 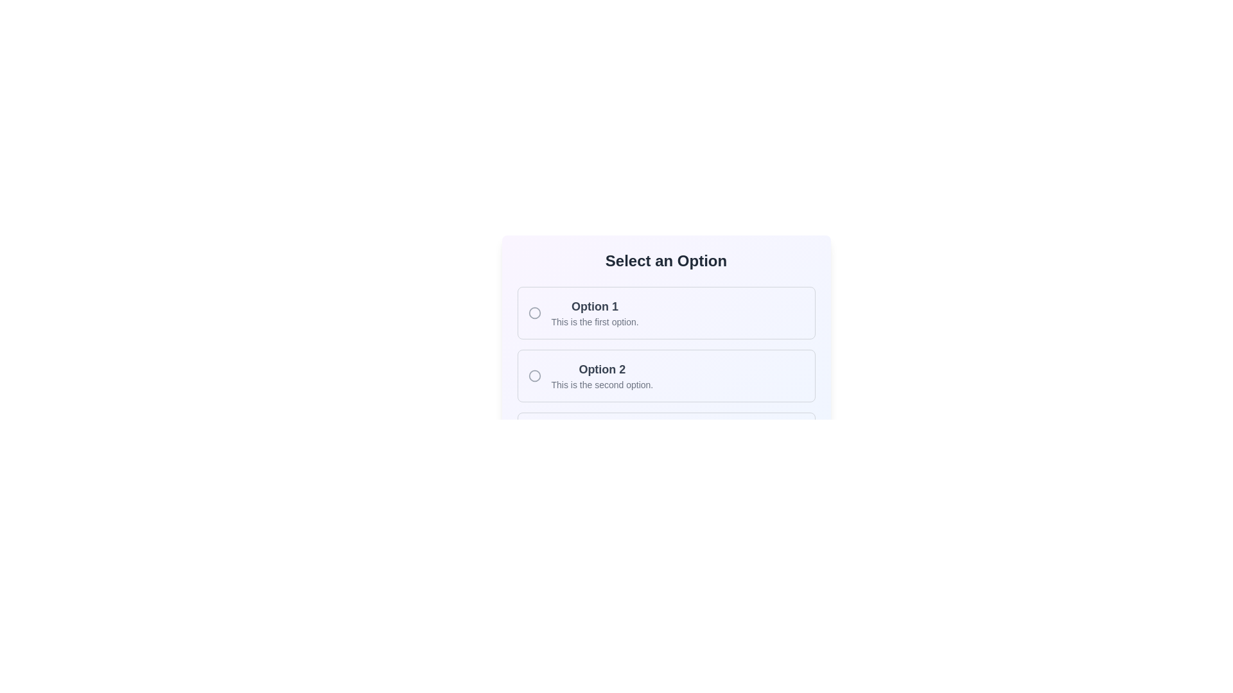 I want to click on the bold title text label that serves as a header for the first choice in the option selection interface, located near the upper-left corner of the card, so click(x=594, y=307).